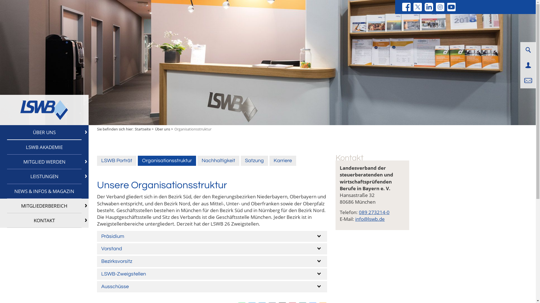 Image resolution: width=540 pixels, height=303 pixels. Describe the element at coordinates (44, 220) in the screenshot. I see `'KONTAKT'` at that location.